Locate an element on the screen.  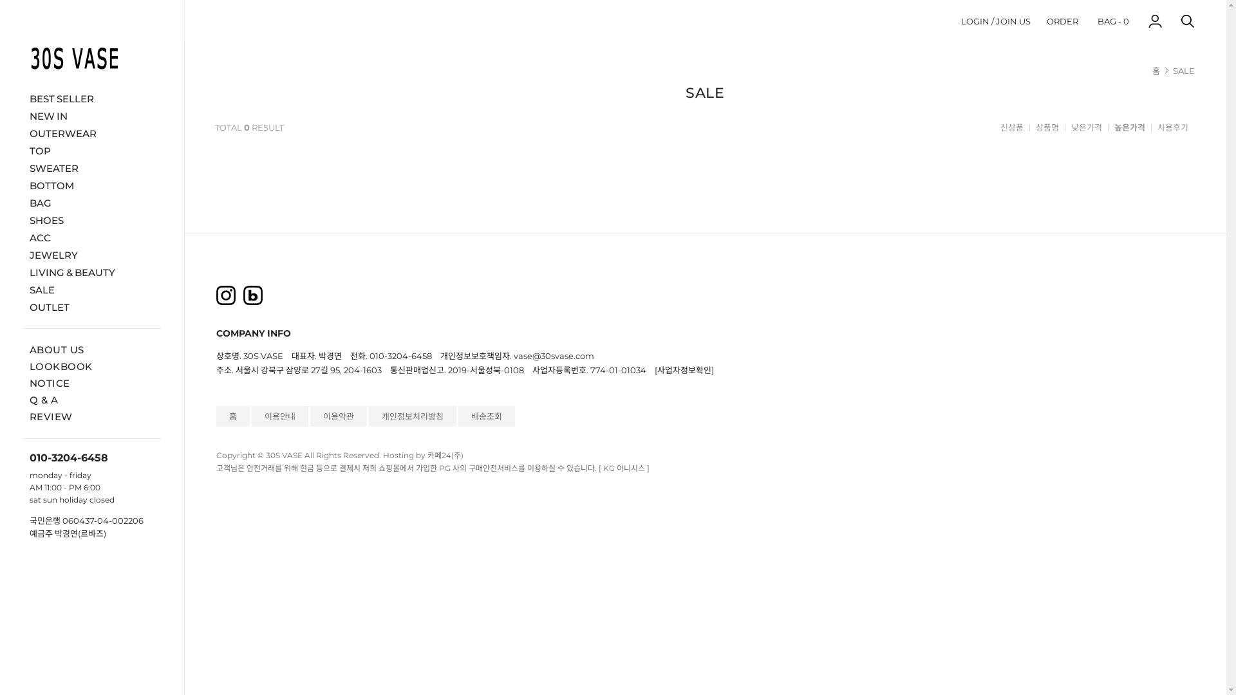
'BEST SELLER' is located at coordinates (91, 97).